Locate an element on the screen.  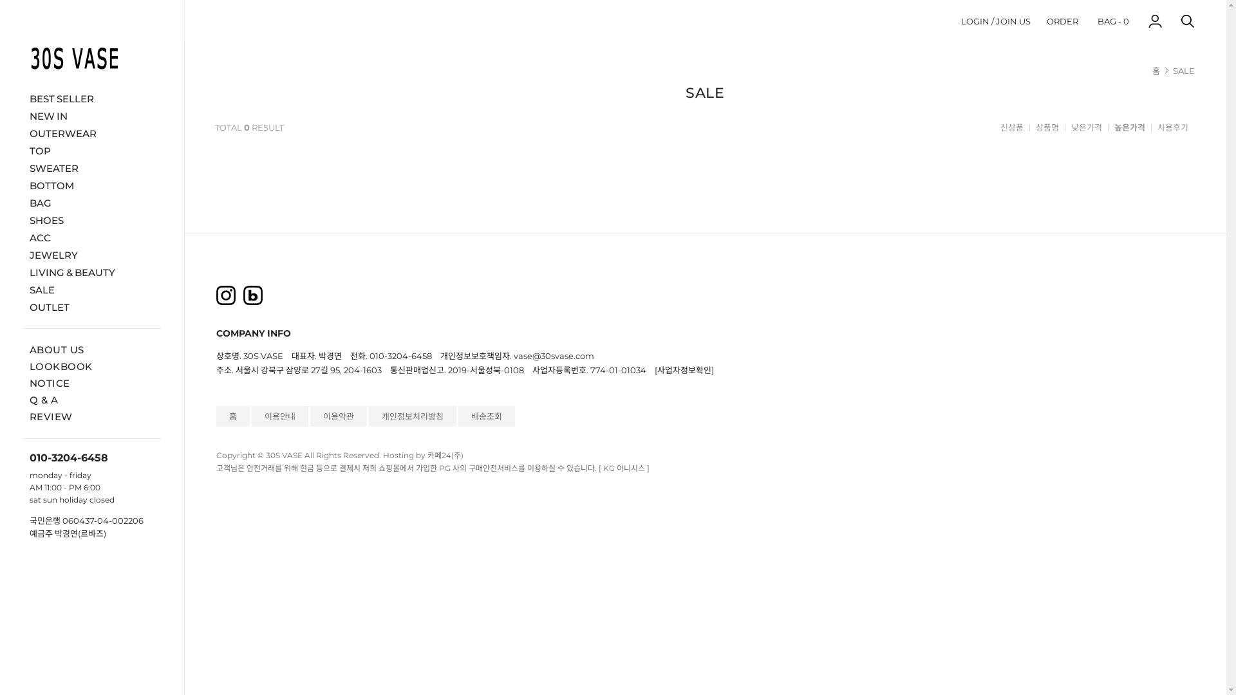
'BEST SELLER' is located at coordinates (91, 97).